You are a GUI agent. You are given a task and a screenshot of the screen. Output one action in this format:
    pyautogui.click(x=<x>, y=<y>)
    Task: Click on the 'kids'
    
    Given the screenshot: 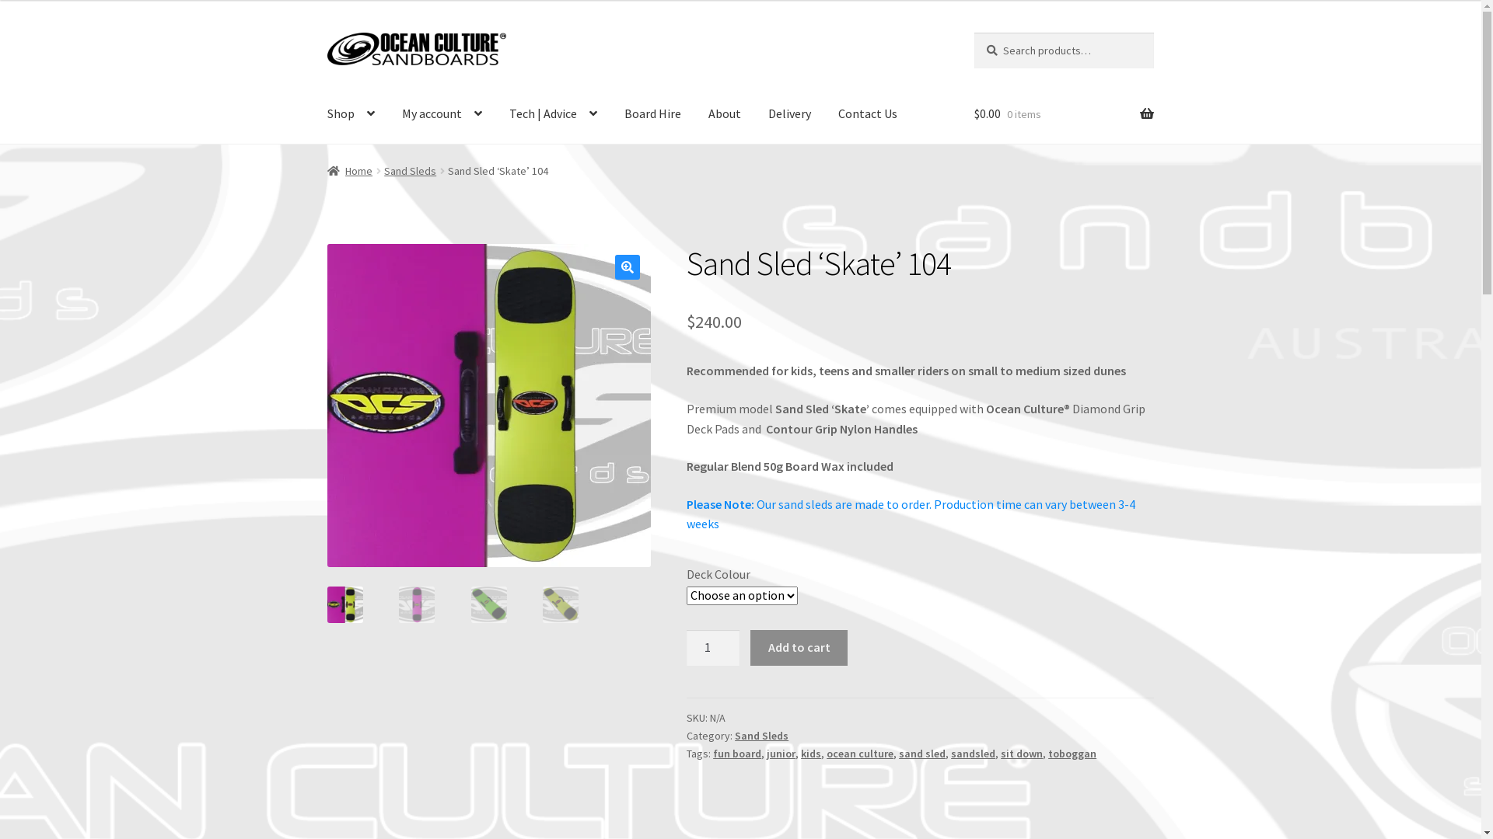 What is the action you would take?
    pyautogui.click(x=809, y=752)
    